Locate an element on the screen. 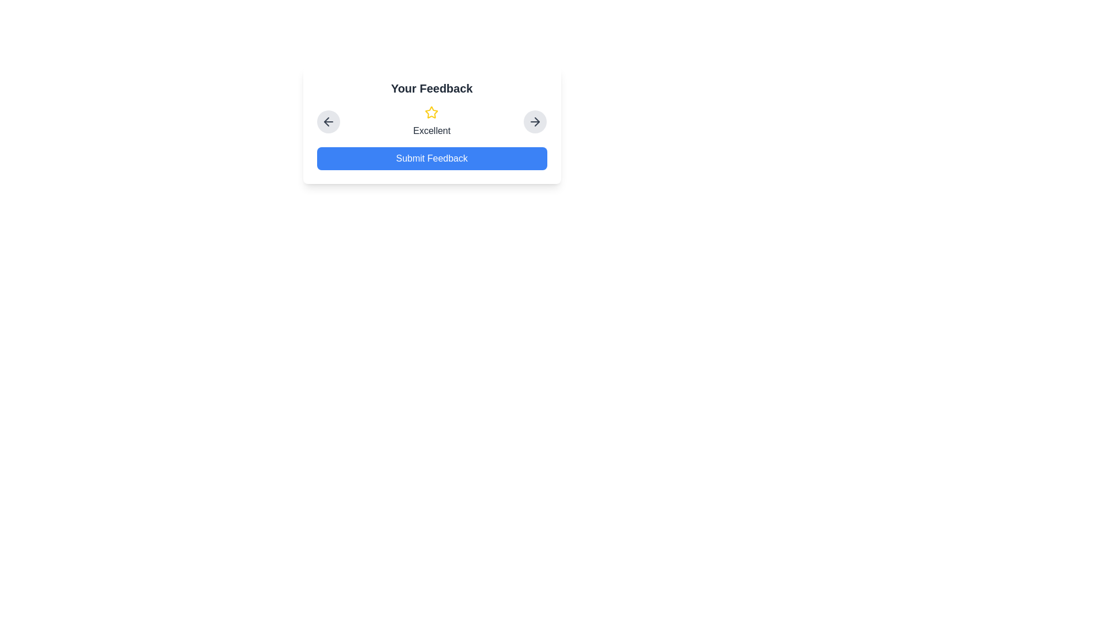 This screenshot has width=1105, height=621. the 'Submit Feedback' button, which is a bright blue rectangular button with white bold text, located at the bottom of a panel is located at coordinates (431, 125).